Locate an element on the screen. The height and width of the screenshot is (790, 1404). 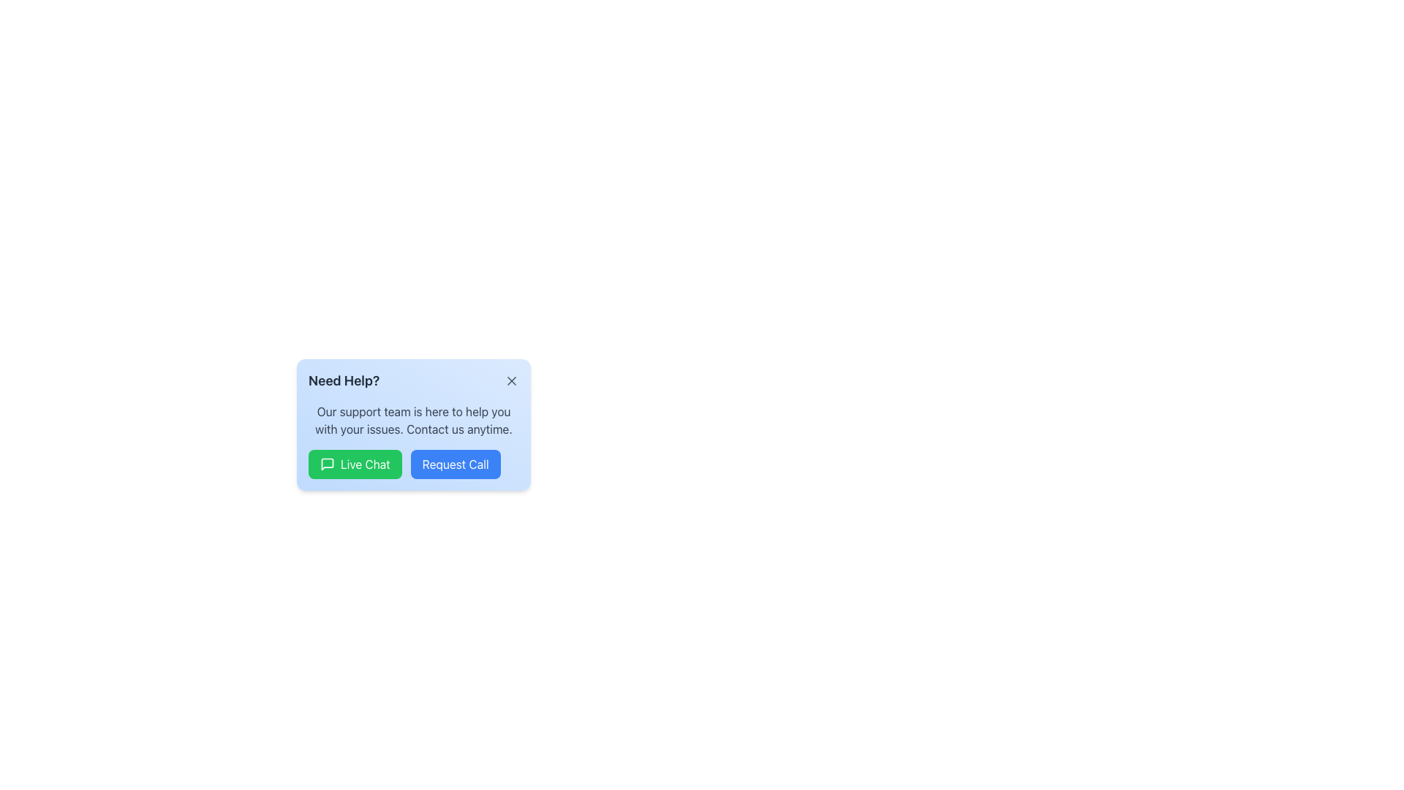
the bold text label displaying 'Need Help?' to emphasize it is located at coordinates (343, 380).